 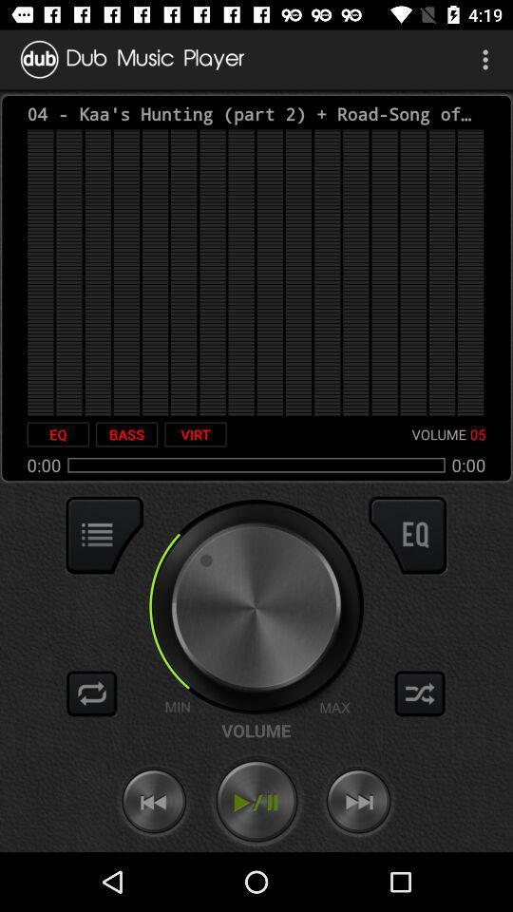 I want to click on virt, so click(x=195, y=434).